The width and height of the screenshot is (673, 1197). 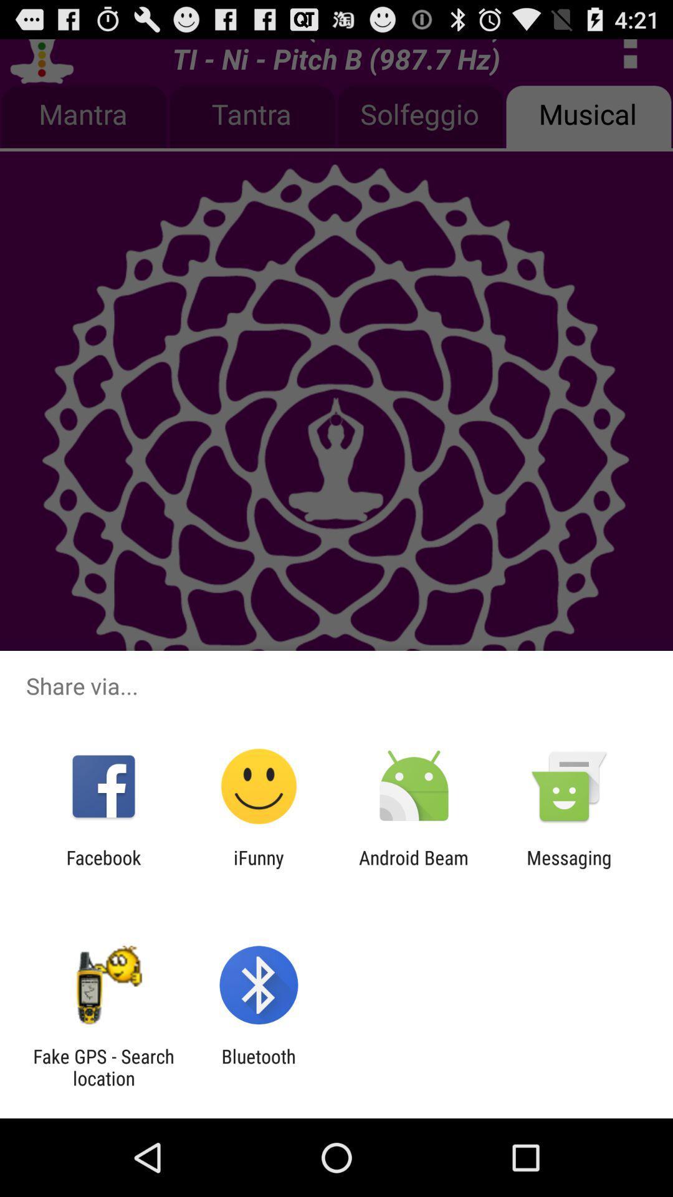 What do you see at coordinates (258, 868) in the screenshot?
I see `the icon to the right of facebook` at bounding box center [258, 868].